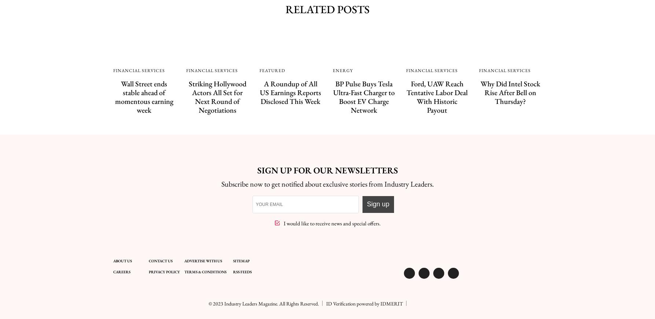  What do you see at coordinates (217, 96) in the screenshot?
I see `'Striking Hollywood Actors All Set for Next Round of Negotiations'` at bounding box center [217, 96].